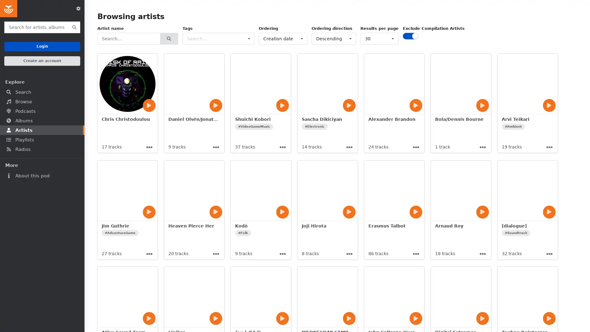  Describe the element at coordinates (549, 105) in the screenshot. I see `Play artist` at that location.